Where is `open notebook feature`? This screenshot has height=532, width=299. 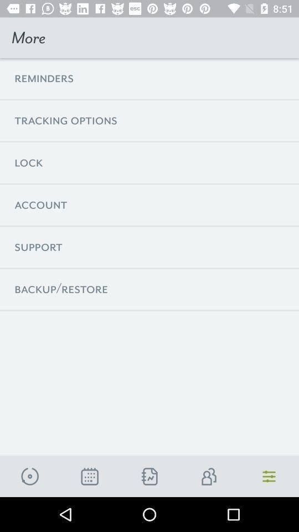 open notebook feature is located at coordinates (149, 476).